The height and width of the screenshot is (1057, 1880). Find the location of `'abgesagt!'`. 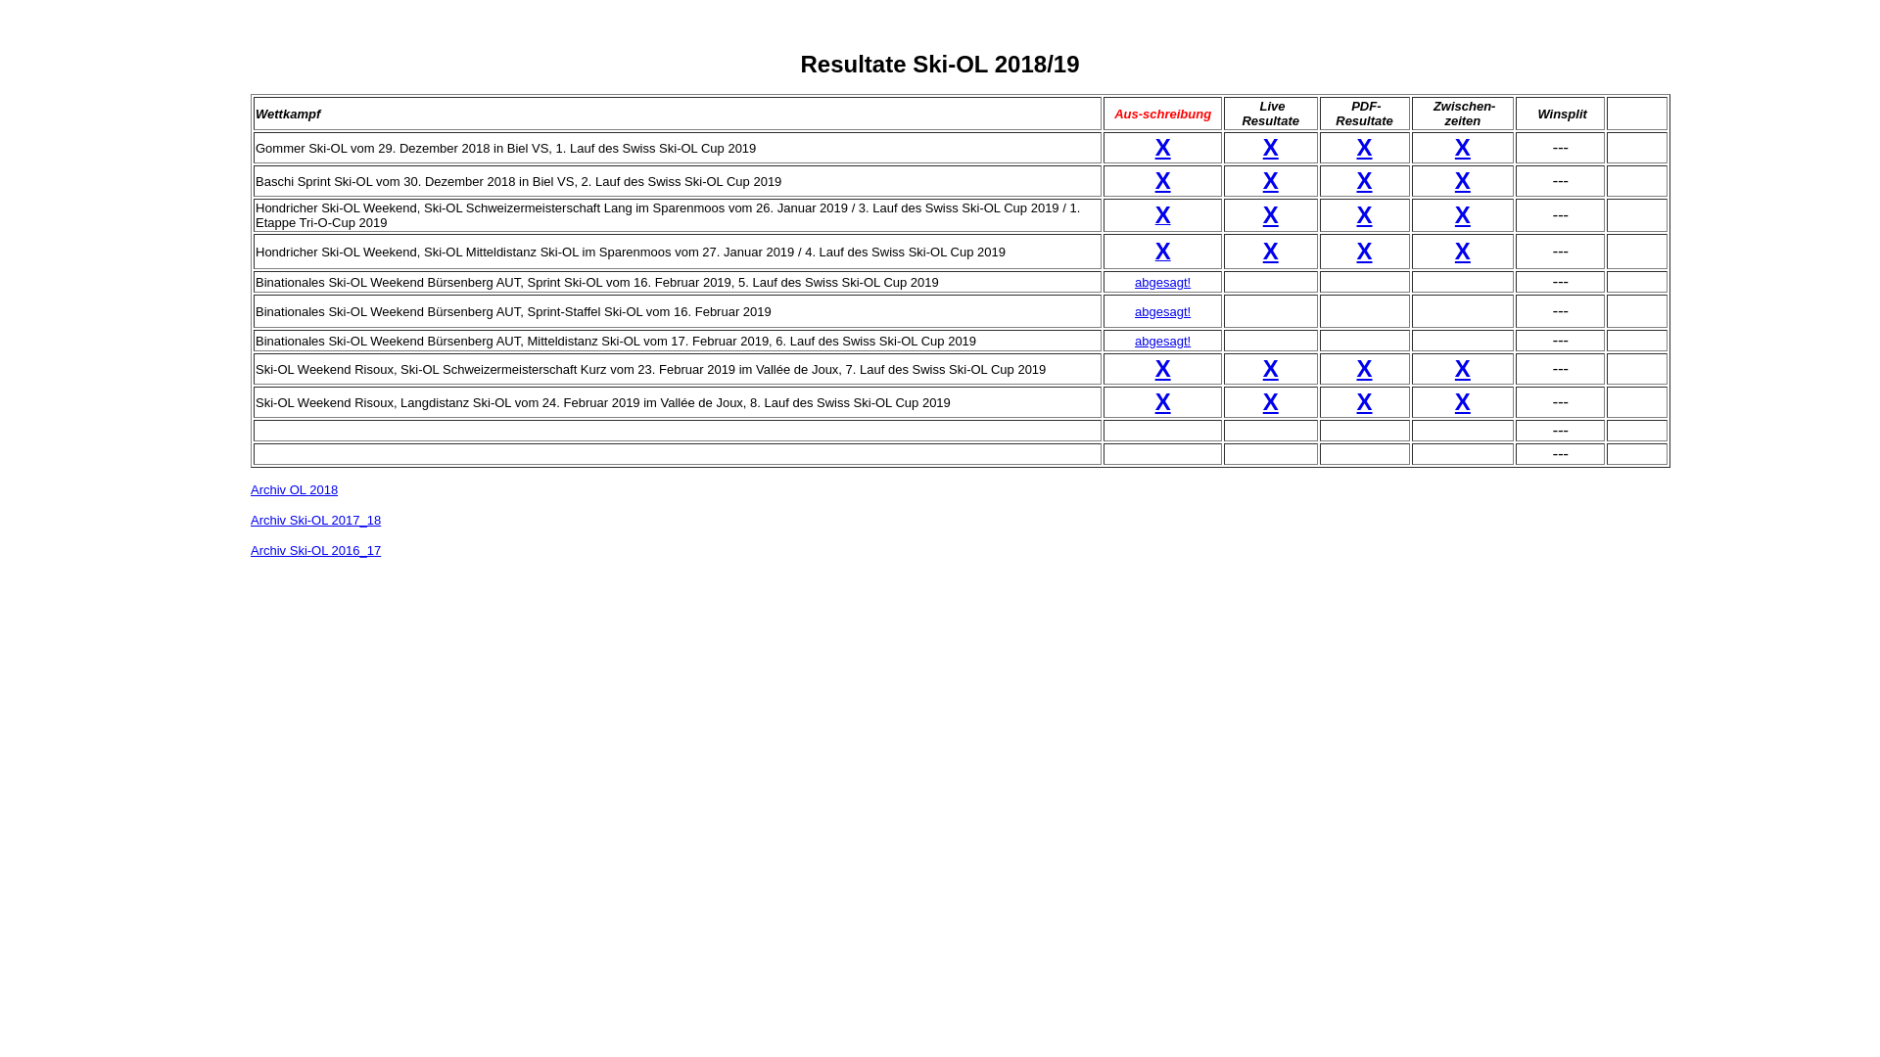

'abgesagt!' is located at coordinates (1134, 281).